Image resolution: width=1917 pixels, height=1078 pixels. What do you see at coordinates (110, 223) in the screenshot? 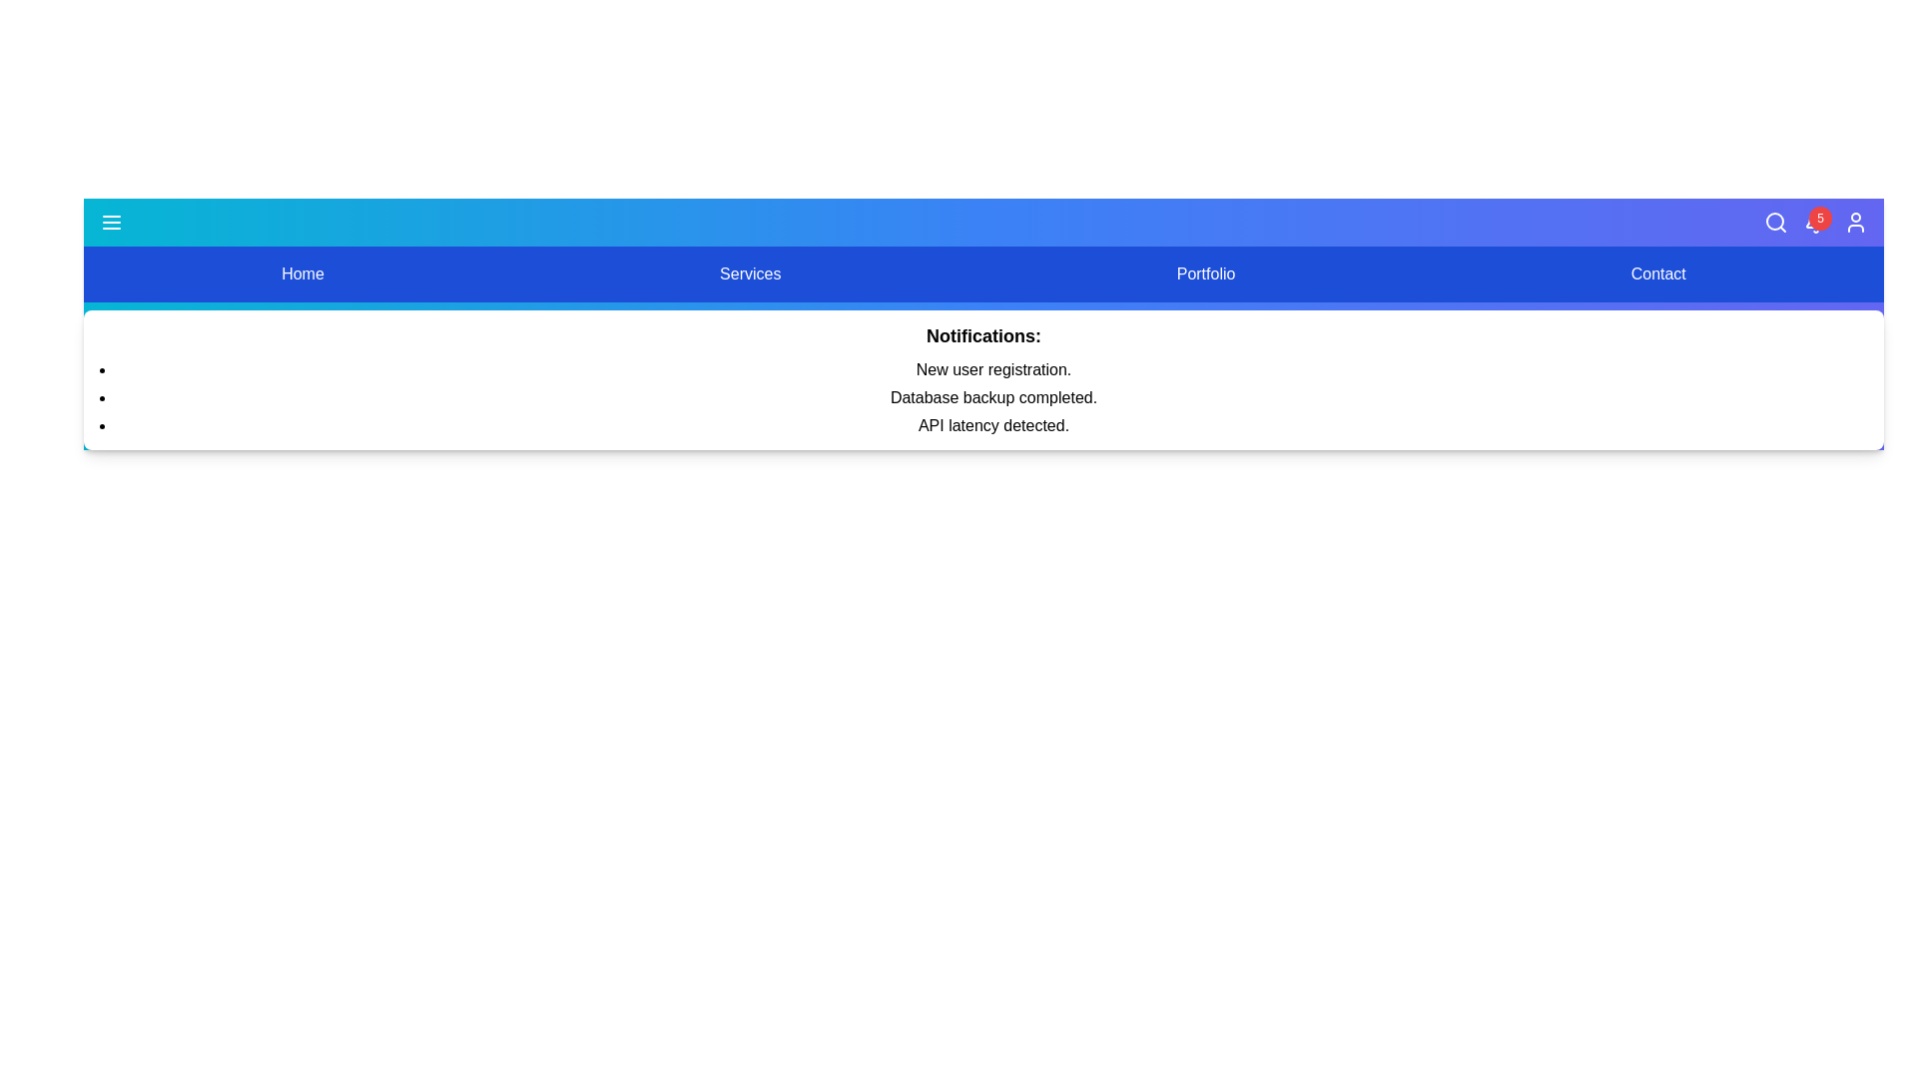
I see `the menu icon button to toggle the menu visibility` at bounding box center [110, 223].